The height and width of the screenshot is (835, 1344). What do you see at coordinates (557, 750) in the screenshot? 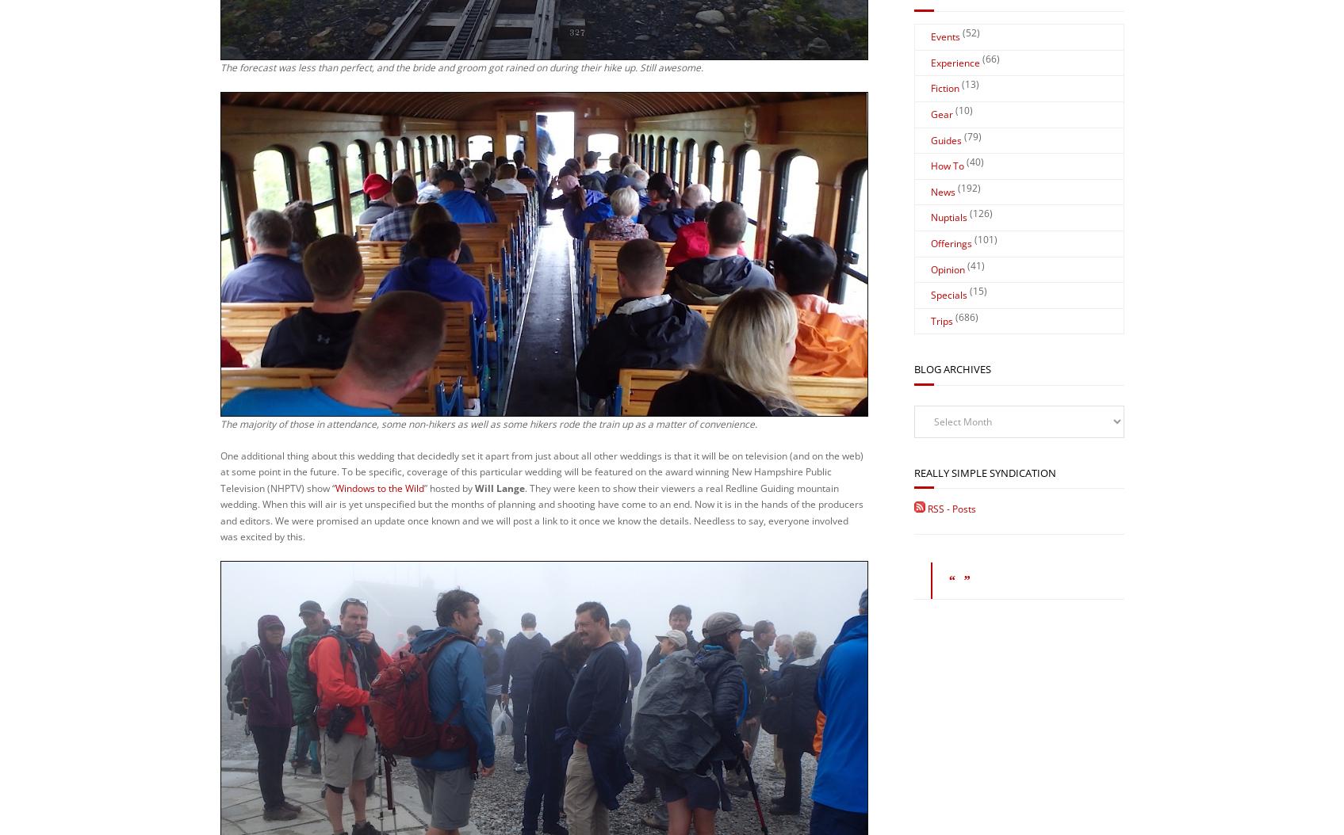
I see `'Help'` at bounding box center [557, 750].